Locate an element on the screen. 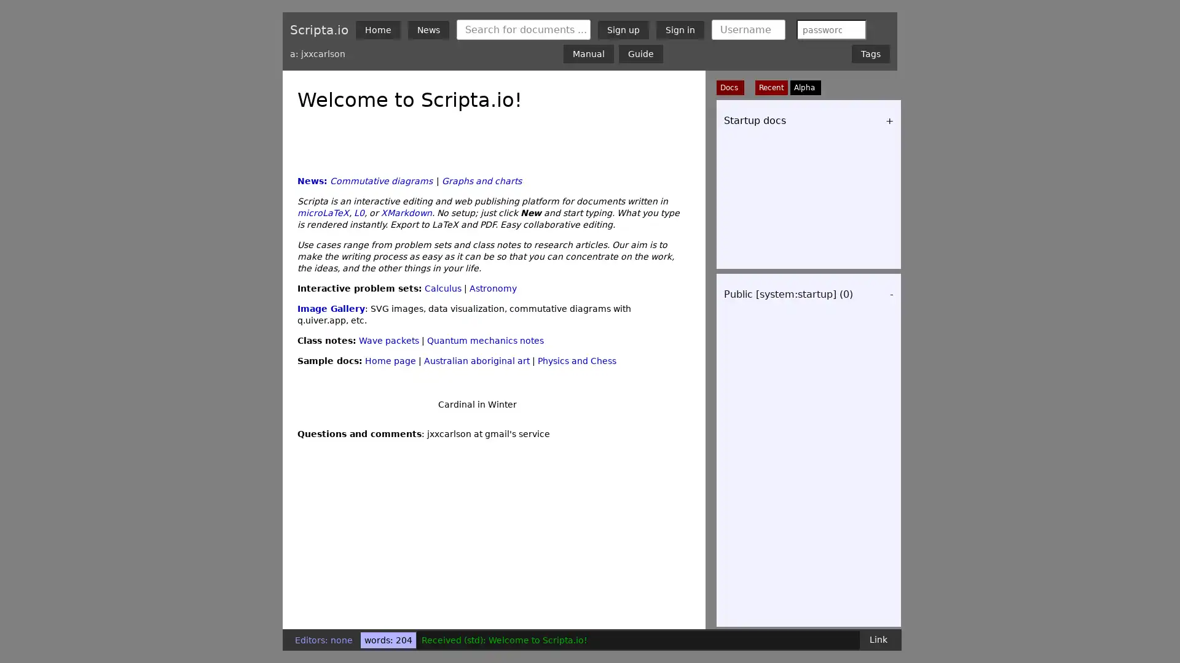 The width and height of the screenshot is (1180, 663). Manual Manuals, templates, answers to common questions is located at coordinates (588, 53).